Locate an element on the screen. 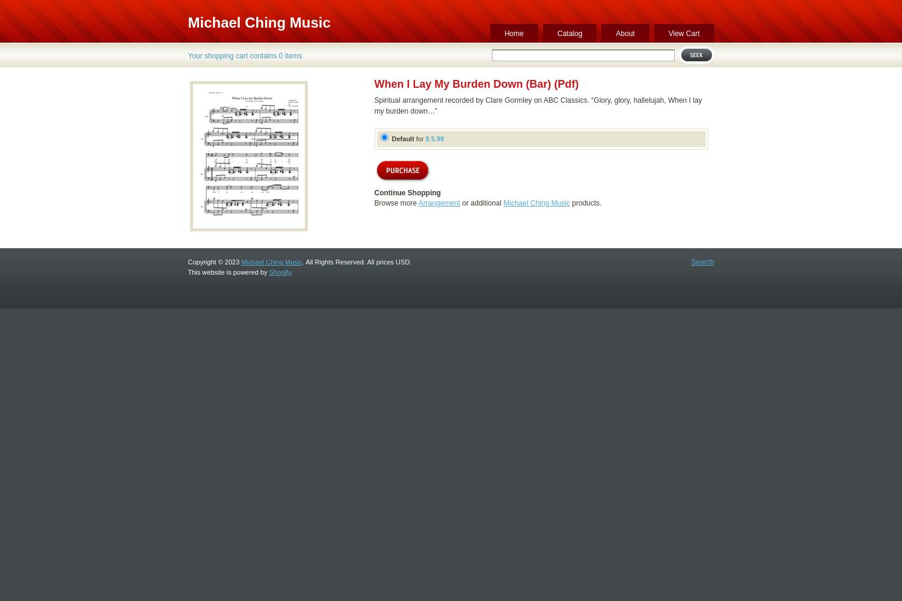  'ABC' is located at coordinates (551, 100).